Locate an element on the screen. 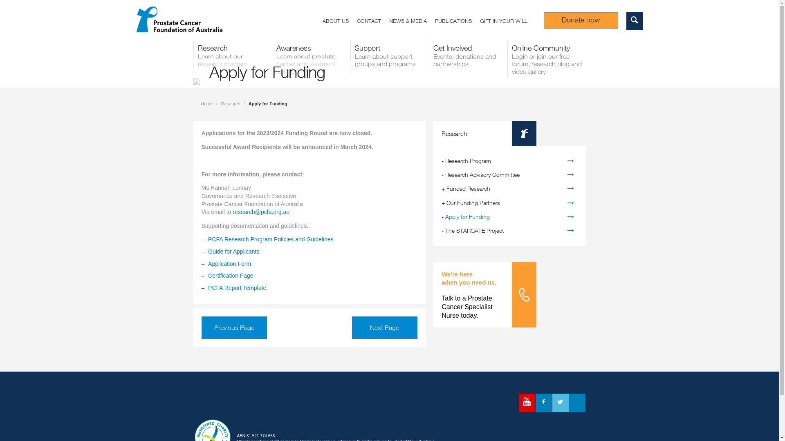 This screenshot has height=441, width=785. 'ABOUT US' is located at coordinates (339, 22).